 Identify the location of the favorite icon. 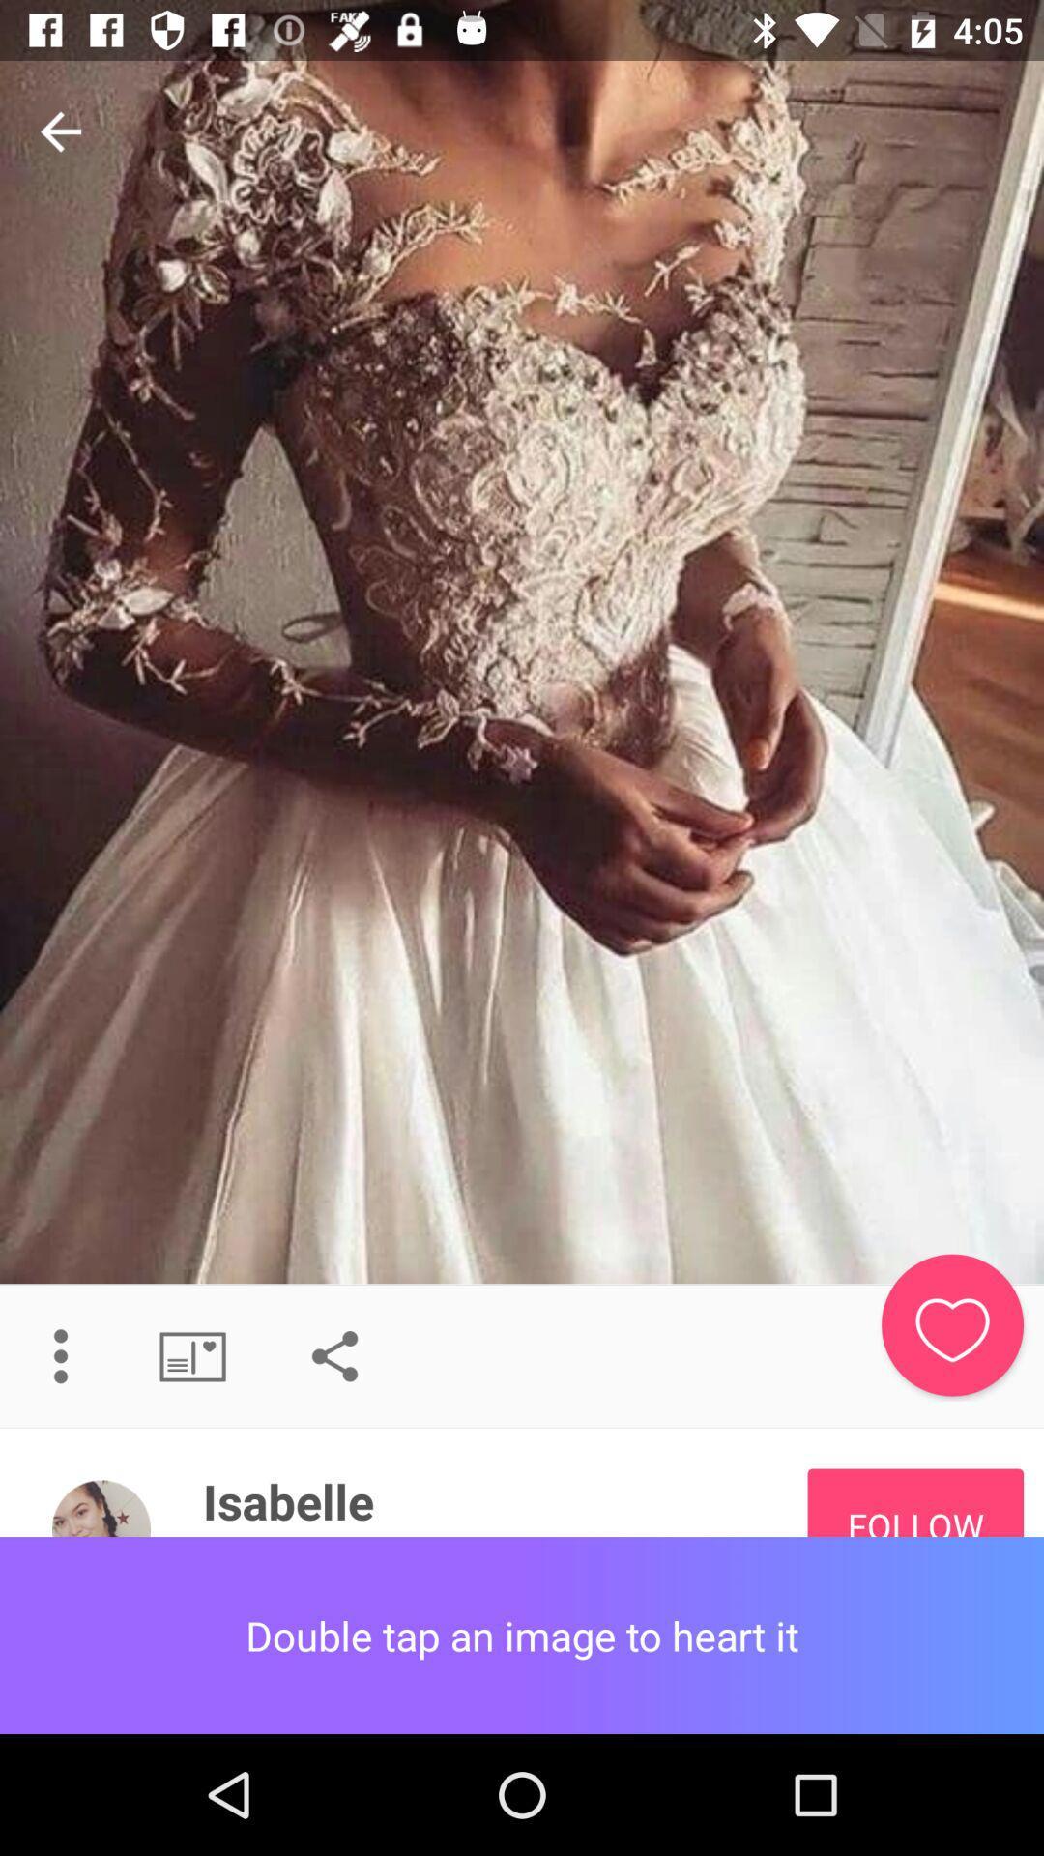
(951, 1324).